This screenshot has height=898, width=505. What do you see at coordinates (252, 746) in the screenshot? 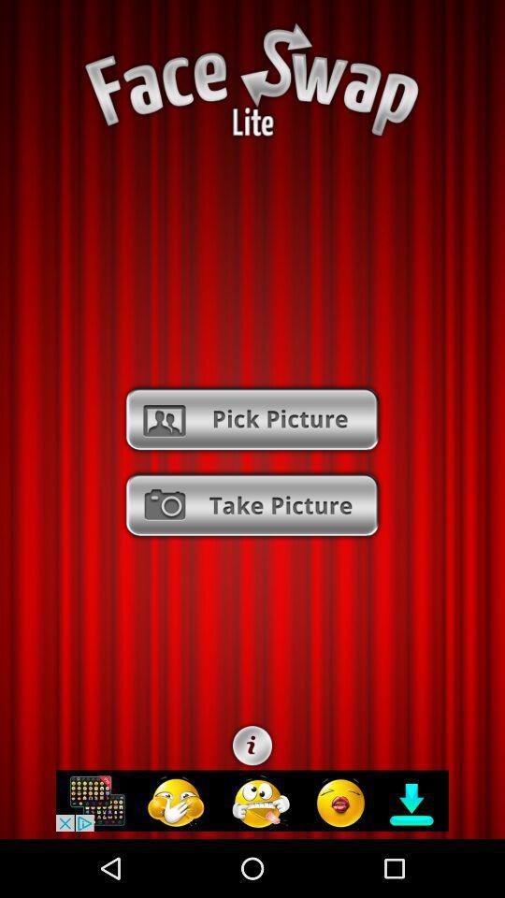
I see `read information` at bounding box center [252, 746].